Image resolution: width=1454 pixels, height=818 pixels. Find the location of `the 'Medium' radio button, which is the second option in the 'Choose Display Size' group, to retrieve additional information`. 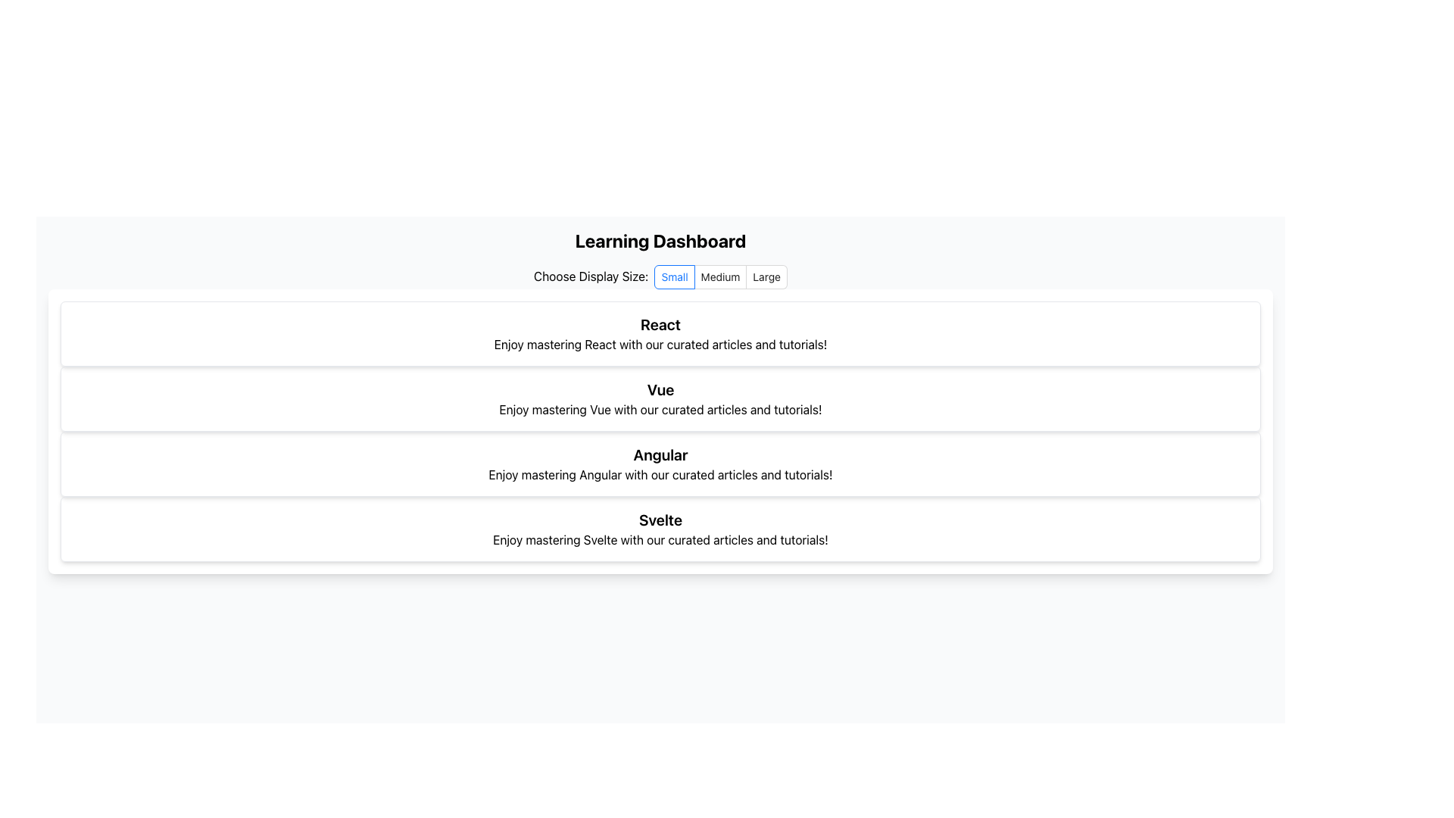

the 'Medium' radio button, which is the second option in the 'Choose Display Size' group, to retrieve additional information is located at coordinates (719, 277).